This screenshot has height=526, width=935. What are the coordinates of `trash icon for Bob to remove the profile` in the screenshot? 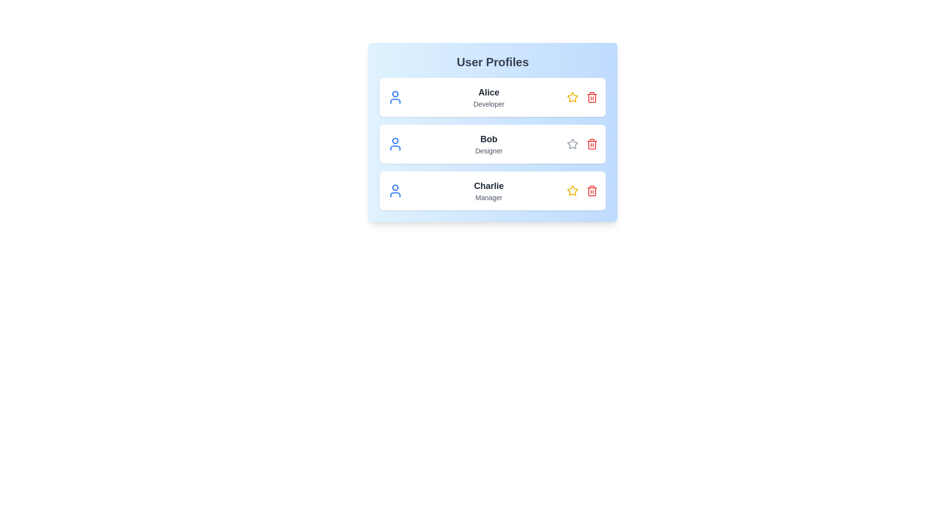 It's located at (591, 144).